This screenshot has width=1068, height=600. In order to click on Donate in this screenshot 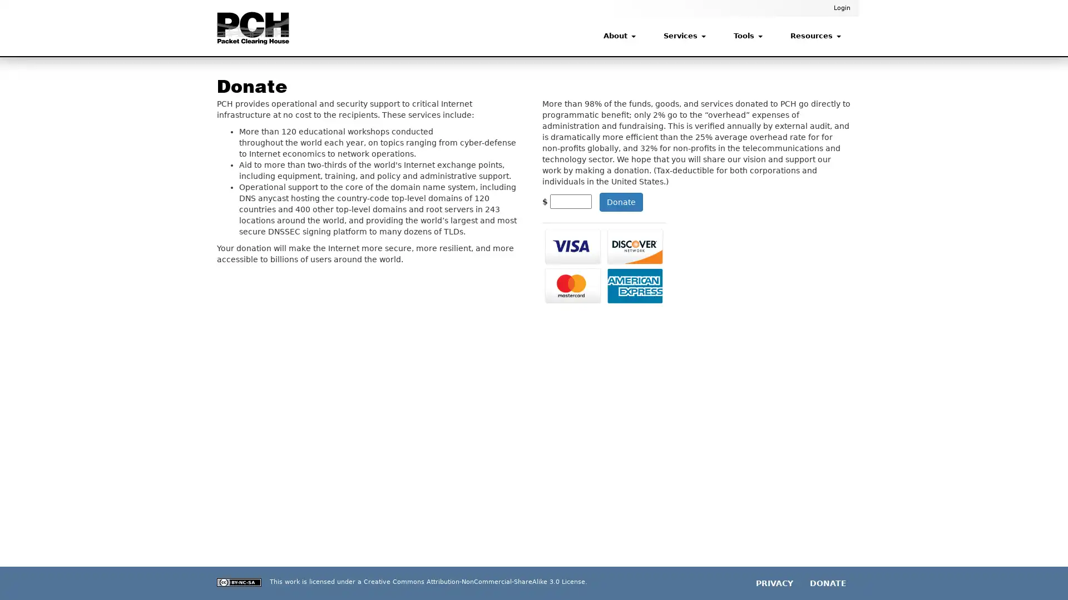, I will do `click(621, 202)`.